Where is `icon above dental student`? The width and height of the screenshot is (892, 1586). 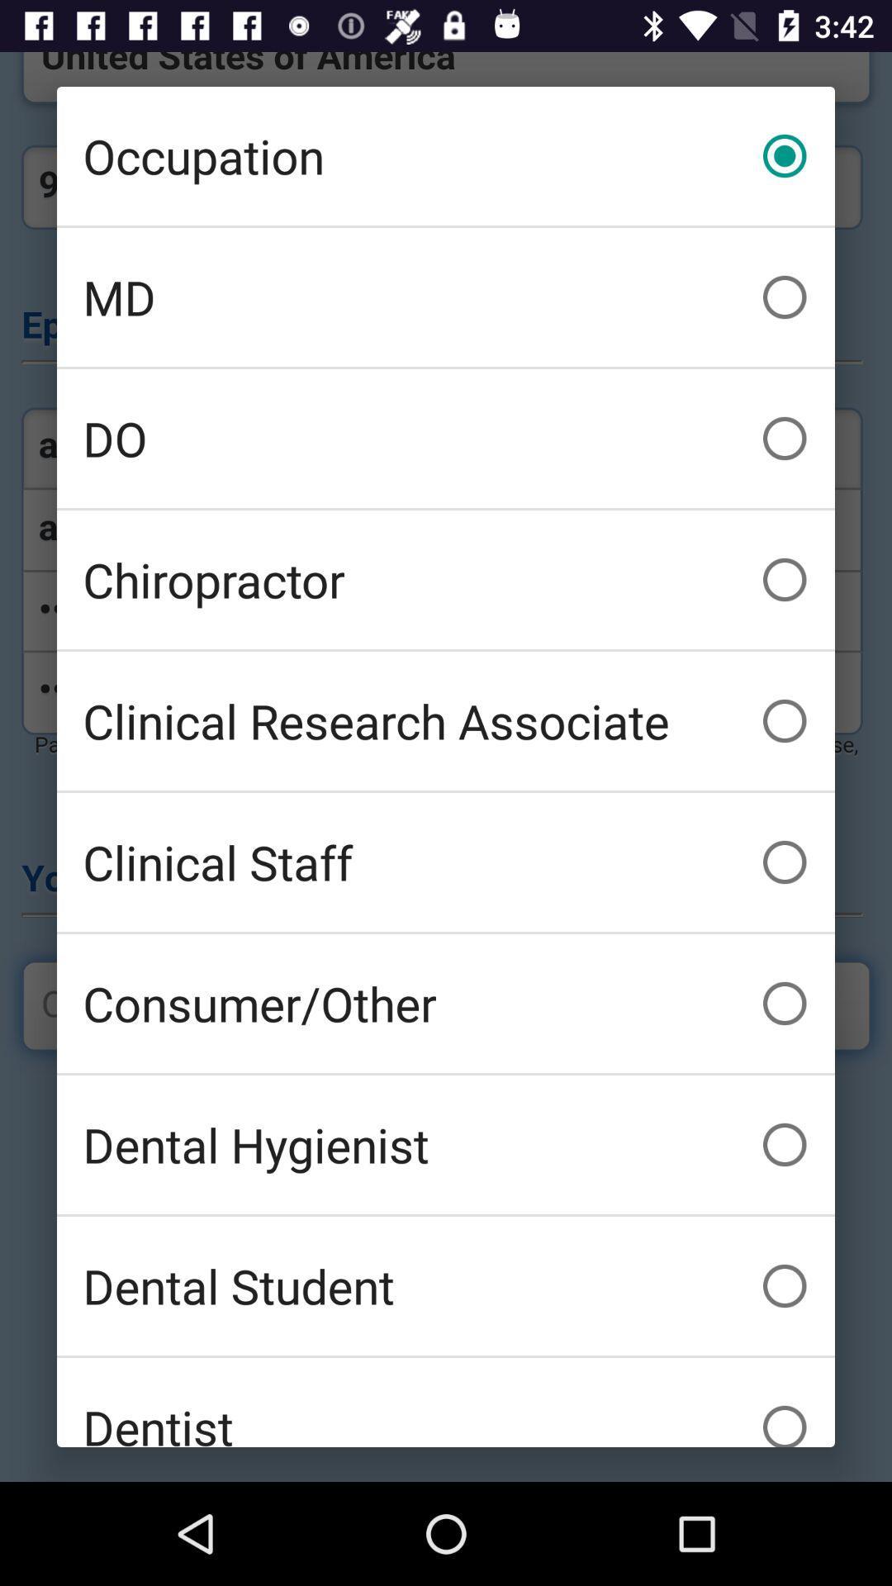
icon above dental student is located at coordinates (446, 1144).